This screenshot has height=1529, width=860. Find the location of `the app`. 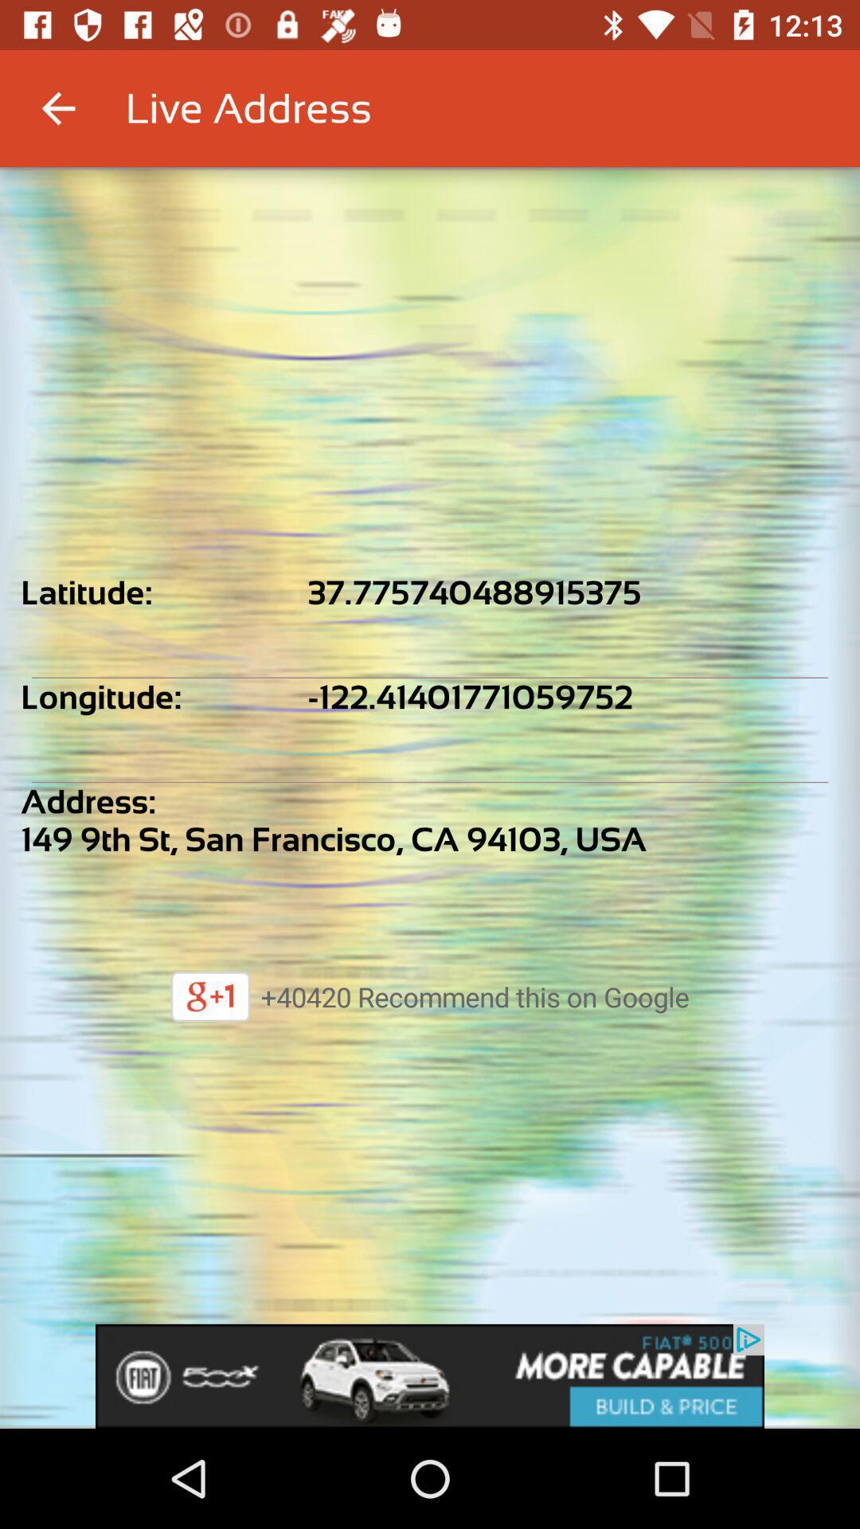

the app is located at coordinates (430, 1375).